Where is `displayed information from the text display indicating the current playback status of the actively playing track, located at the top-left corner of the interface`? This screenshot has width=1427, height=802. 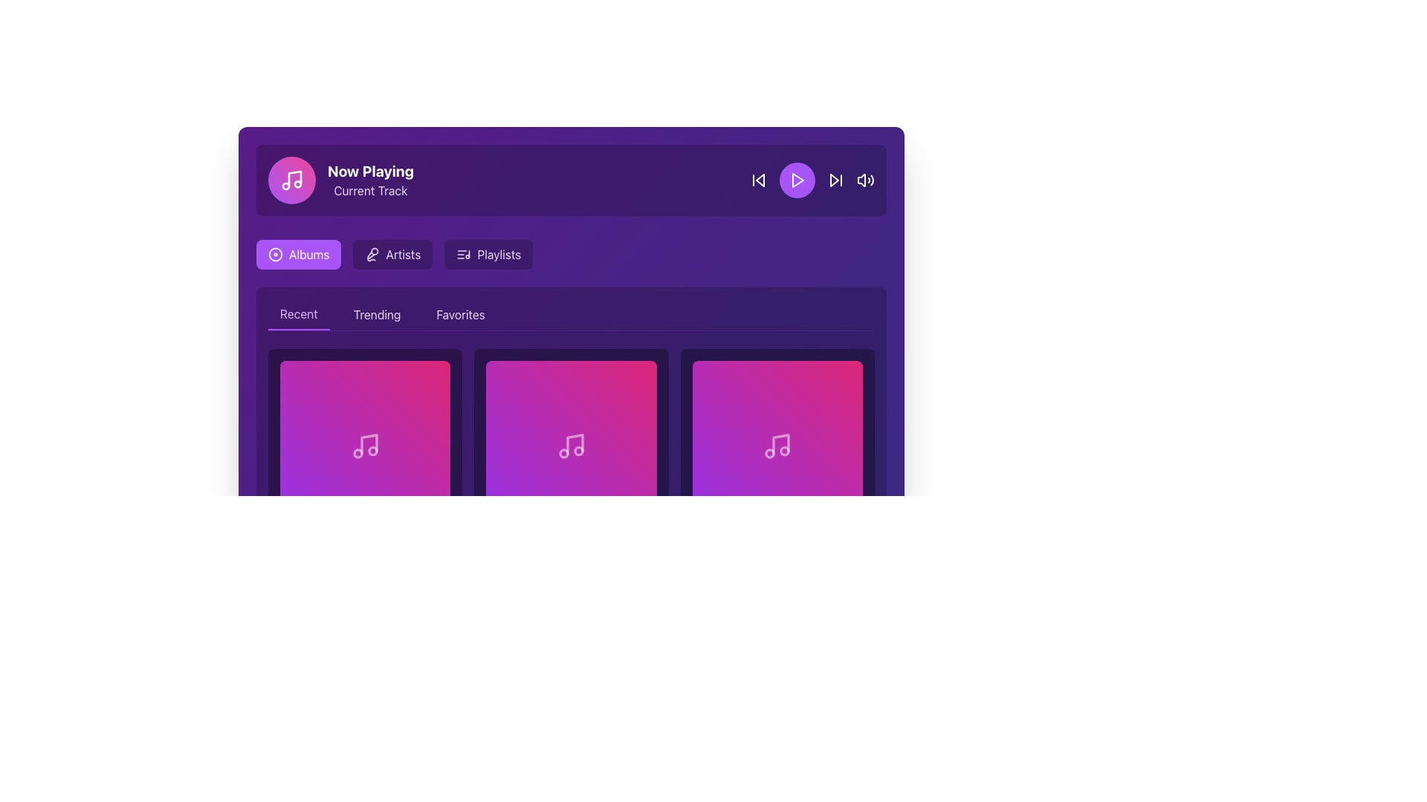 displayed information from the text display indicating the current playback status of the actively playing track, located at the top-left corner of the interface is located at coordinates (371, 180).